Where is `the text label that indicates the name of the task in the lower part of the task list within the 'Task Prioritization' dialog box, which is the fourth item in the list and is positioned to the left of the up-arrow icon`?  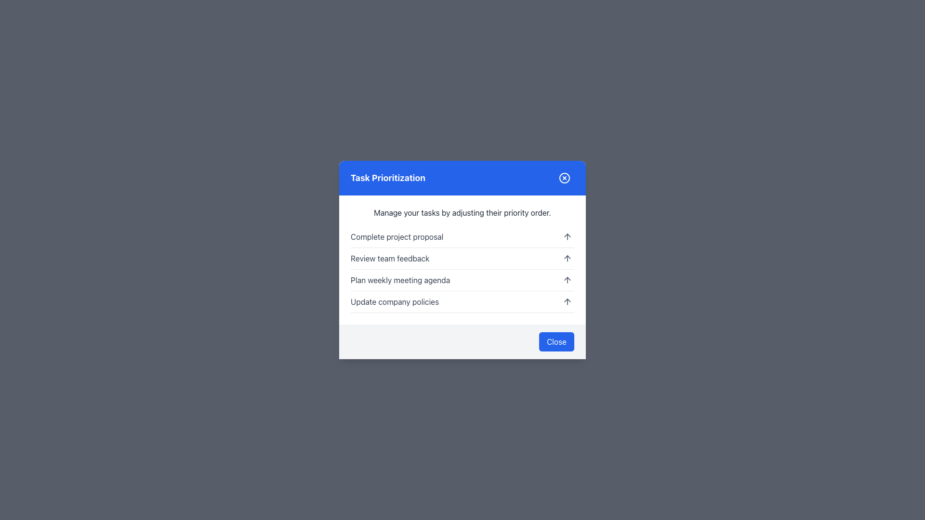
the text label that indicates the name of the task in the lower part of the task list within the 'Task Prioritization' dialog box, which is the fourth item in the list and is positioned to the left of the up-arrow icon is located at coordinates (395, 301).